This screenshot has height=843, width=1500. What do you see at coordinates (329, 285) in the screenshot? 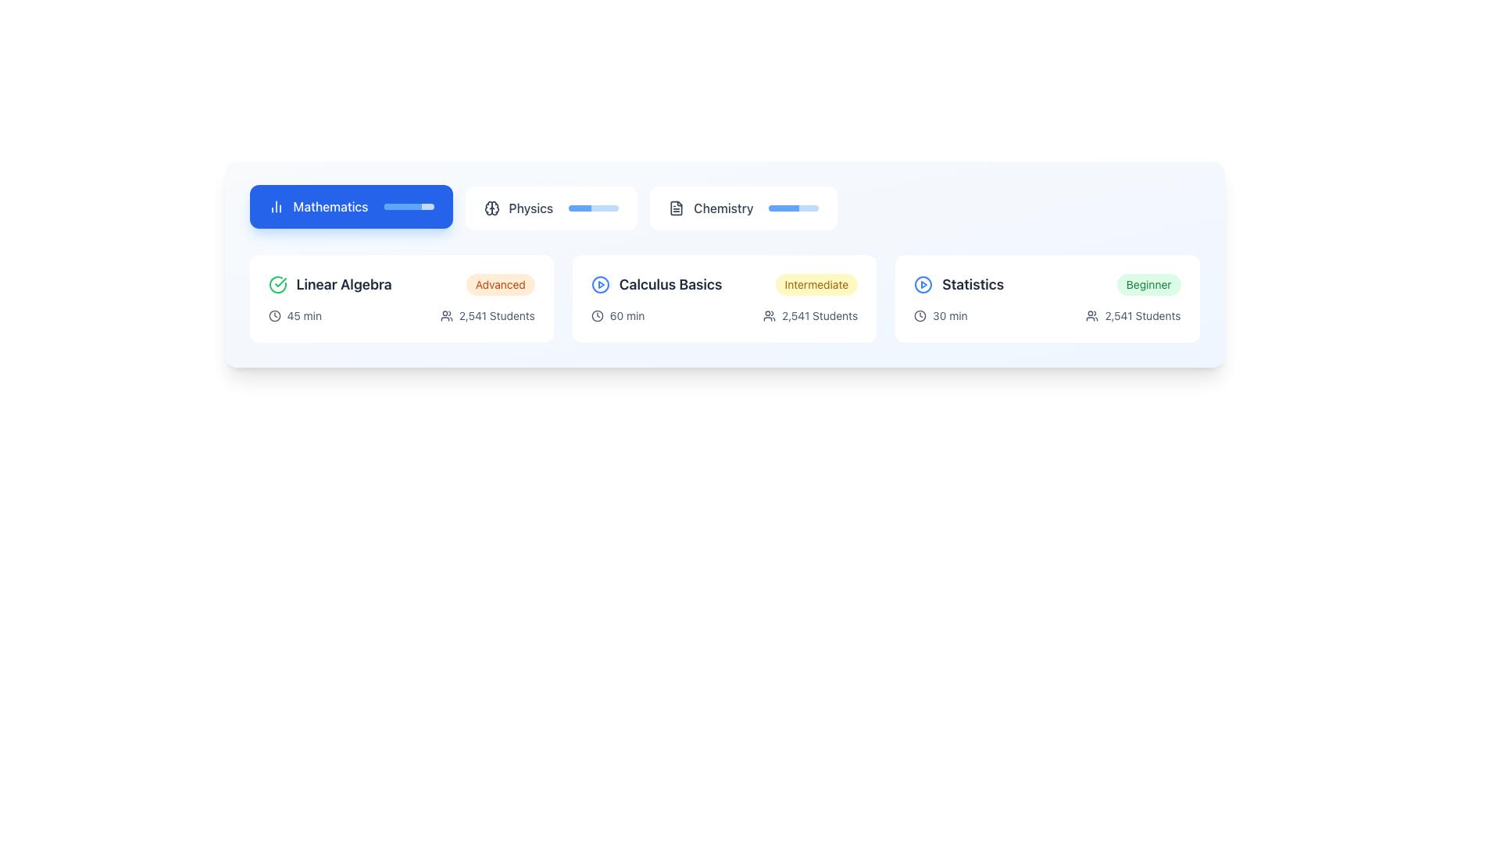
I see `the label with the icon and text 'Linear Algebra', which features a green circular checkmark and is bolded in a darker font` at bounding box center [329, 285].